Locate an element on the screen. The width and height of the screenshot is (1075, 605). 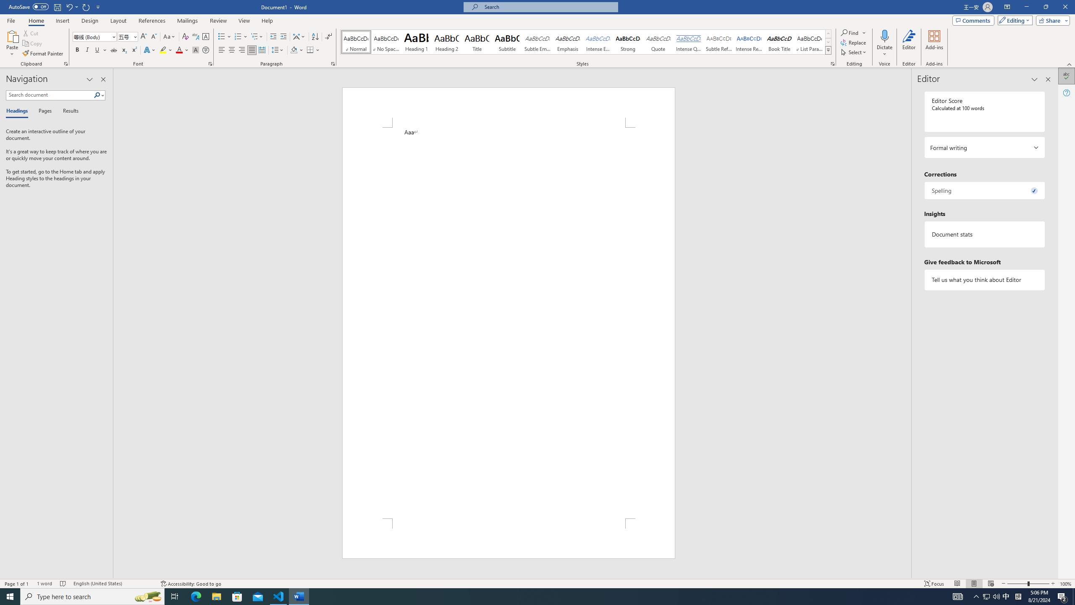
'Undo Increase Indent' is located at coordinates (68, 6).